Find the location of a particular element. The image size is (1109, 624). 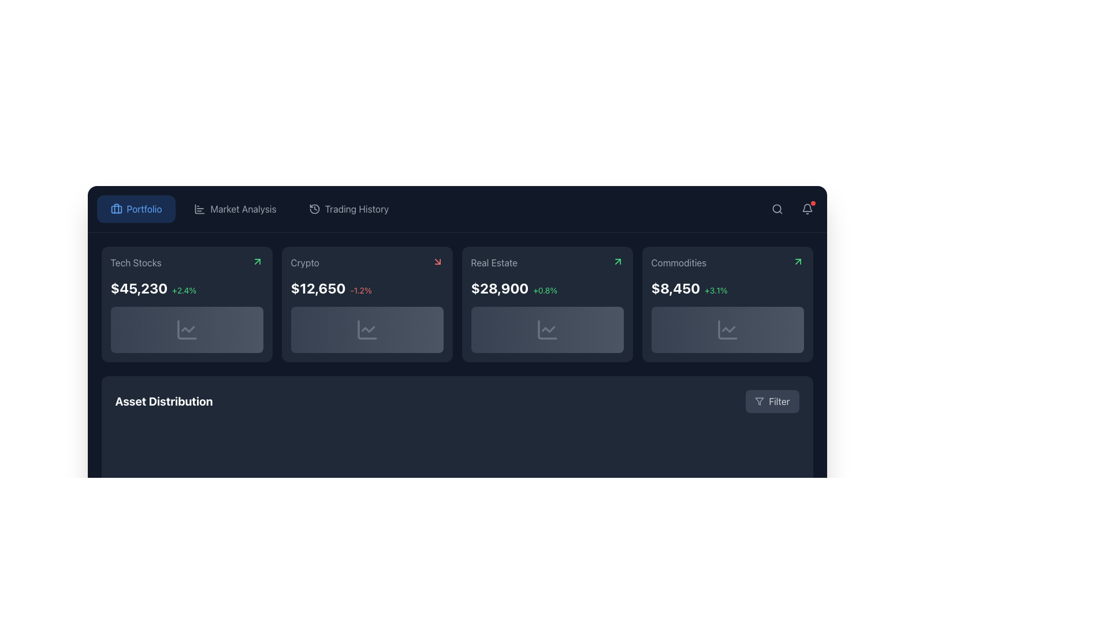

the chart icon representing a line graph located in the 'Crypto' section of the dashboard, positioned at the bottom-center beneath the amount '$12,650' and the percentage '-1.2%' is located at coordinates (366, 329).